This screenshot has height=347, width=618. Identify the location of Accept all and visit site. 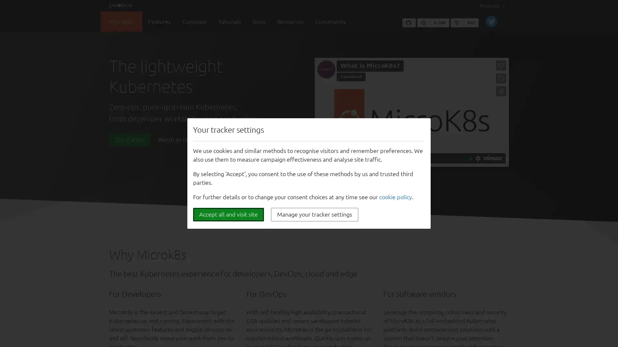
(229, 214).